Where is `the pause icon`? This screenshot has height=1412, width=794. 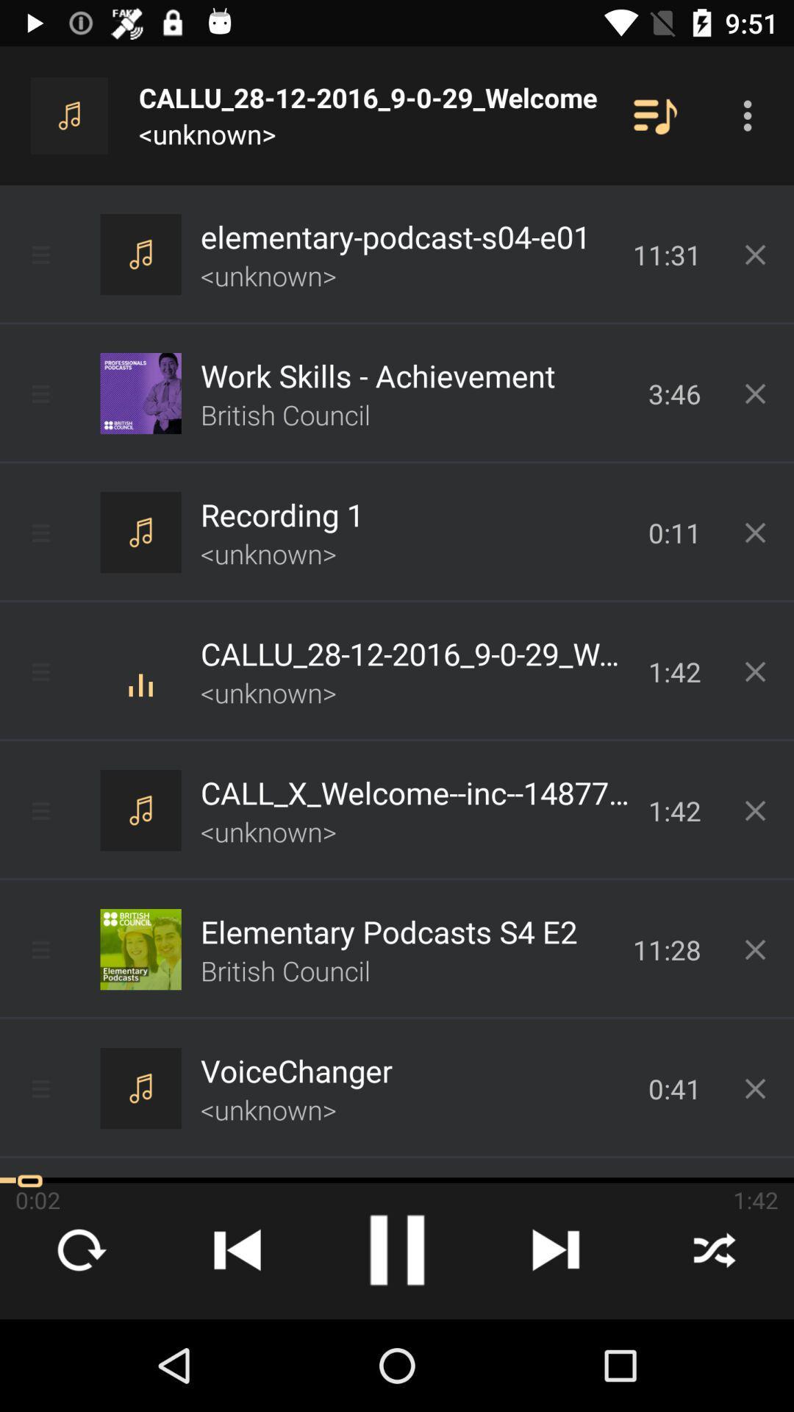 the pause icon is located at coordinates (397, 1249).